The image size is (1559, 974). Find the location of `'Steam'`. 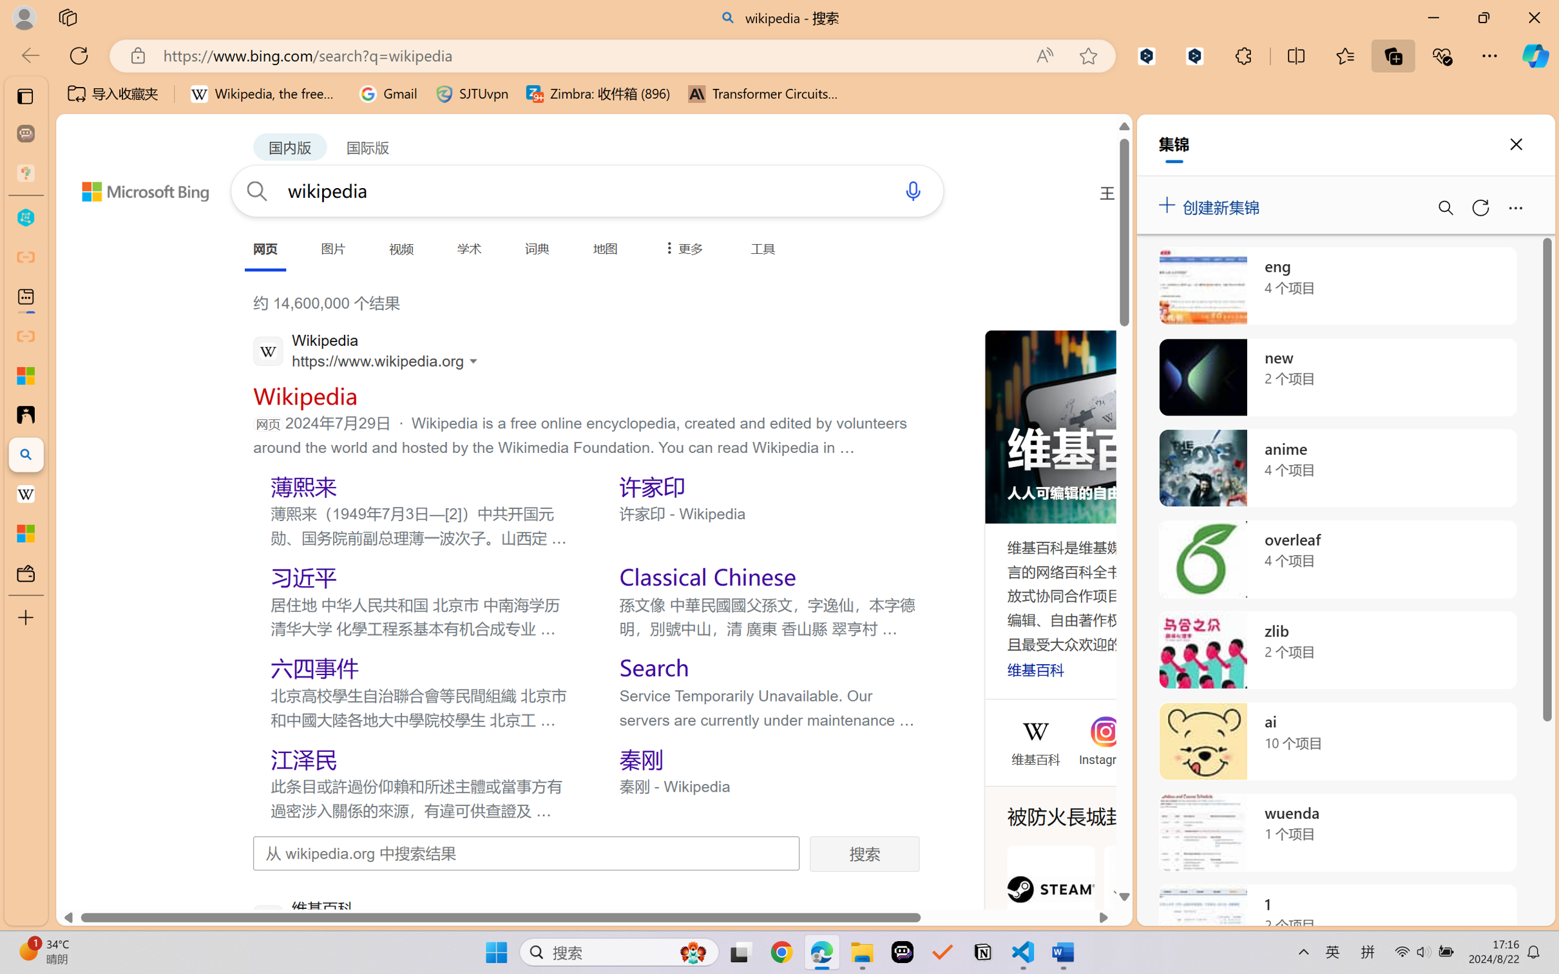

'Steam' is located at coordinates (1050, 902).